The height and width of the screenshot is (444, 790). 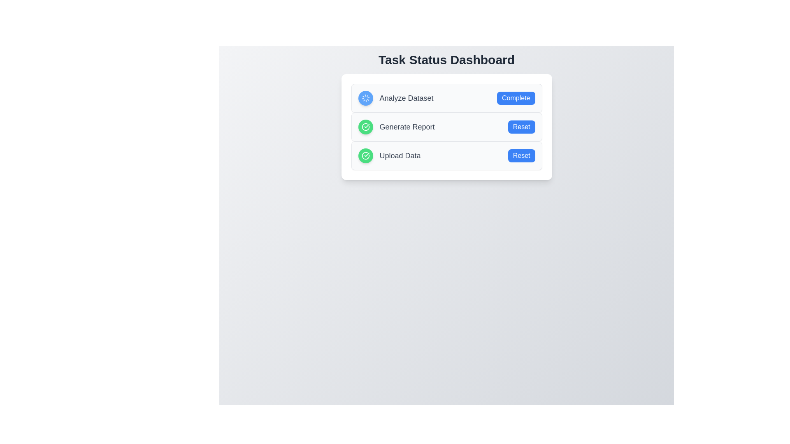 What do you see at coordinates (400, 155) in the screenshot?
I see `the 'Upload Data' text label which is styled with a medium font weight, gray color, and located in the third row of a vertically stacked list, adjacent to a green circular checkmark icon and a blue 'Reset' button` at bounding box center [400, 155].